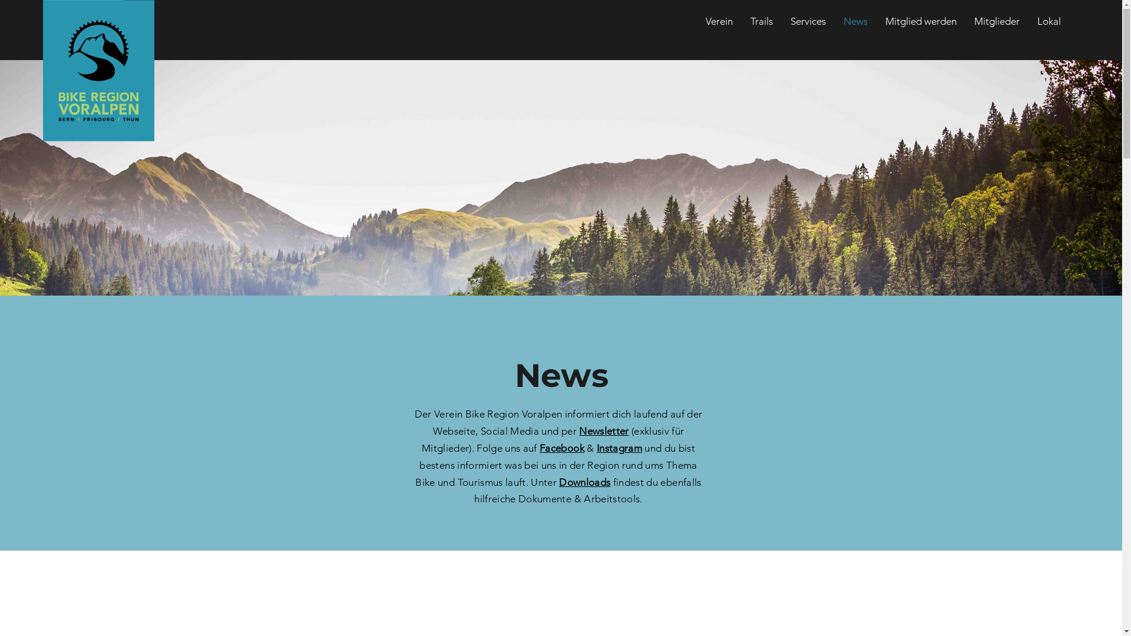 The width and height of the screenshot is (1131, 636). What do you see at coordinates (808, 29) in the screenshot?
I see `'Services'` at bounding box center [808, 29].